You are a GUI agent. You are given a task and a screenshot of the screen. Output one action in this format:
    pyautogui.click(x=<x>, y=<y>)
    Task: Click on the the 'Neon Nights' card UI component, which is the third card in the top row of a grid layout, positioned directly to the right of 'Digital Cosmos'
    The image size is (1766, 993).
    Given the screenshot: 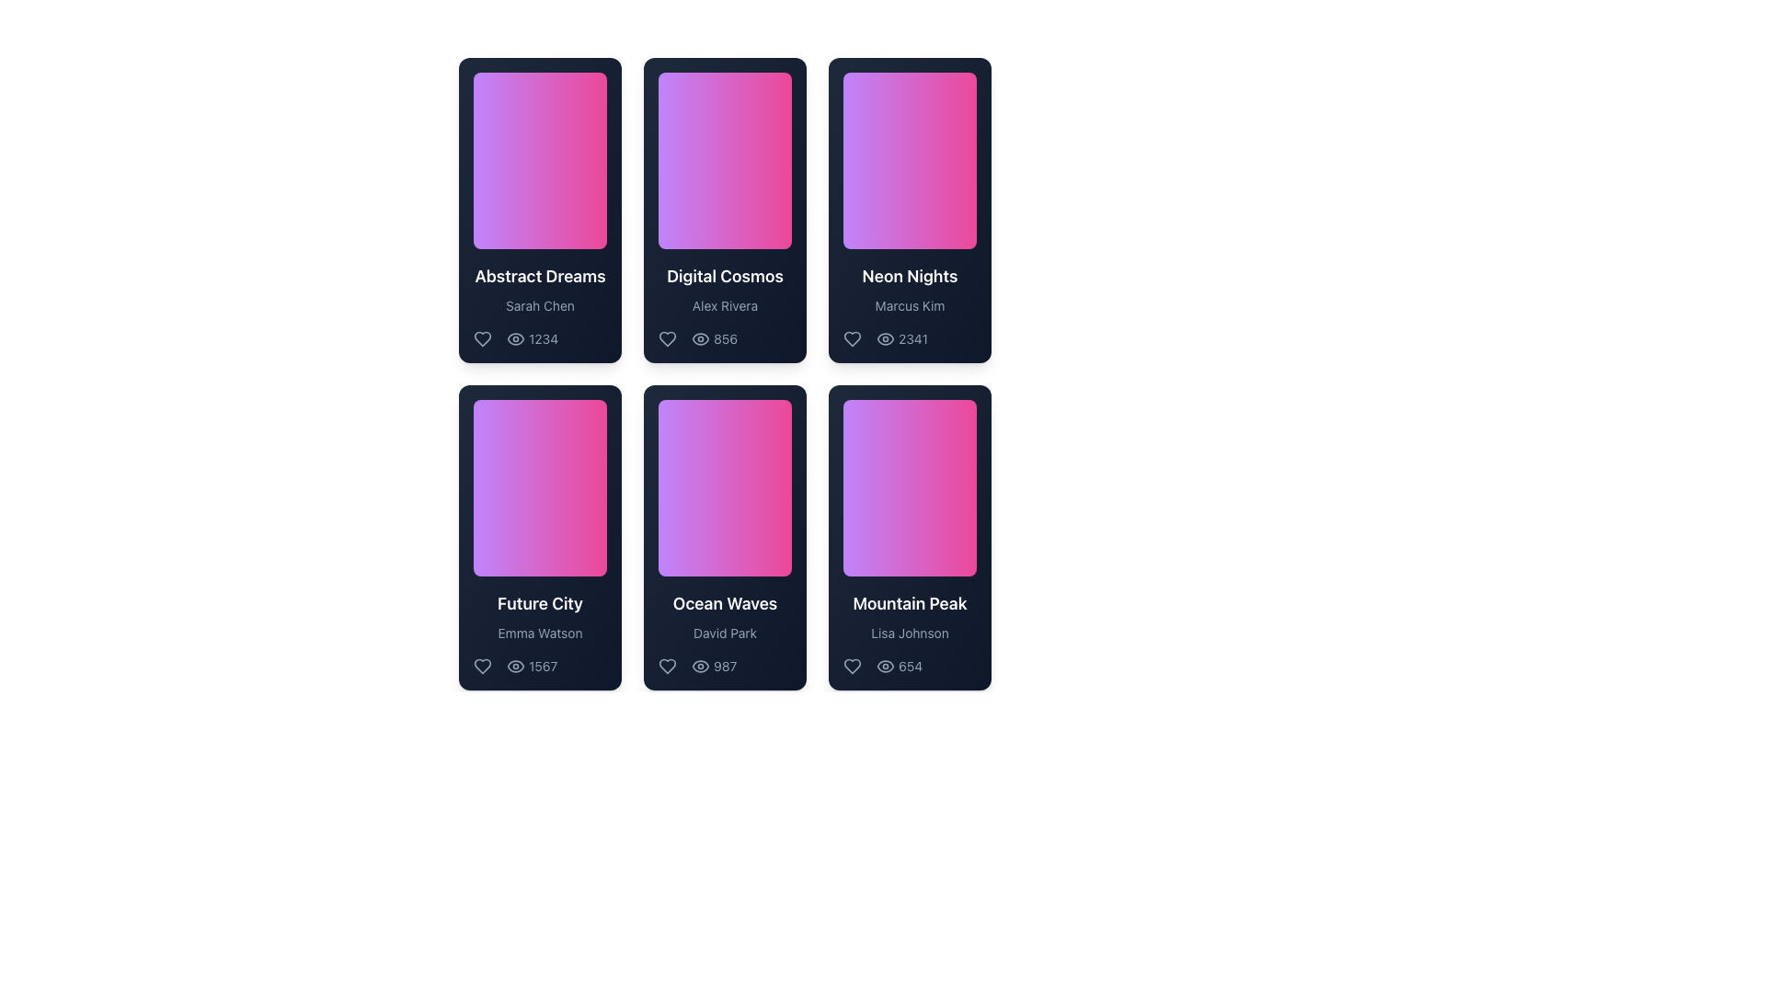 What is the action you would take?
    pyautogui.click(x=910, y=209)
    